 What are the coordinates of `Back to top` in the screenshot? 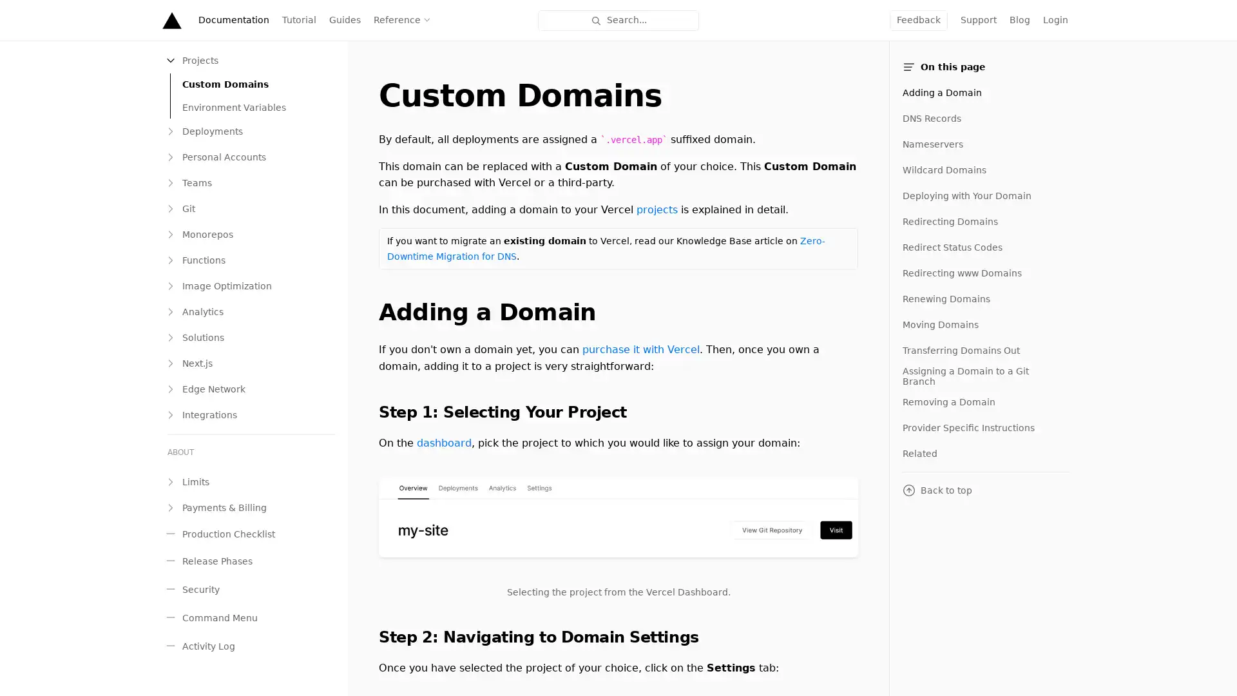 It's located at (985, 490).